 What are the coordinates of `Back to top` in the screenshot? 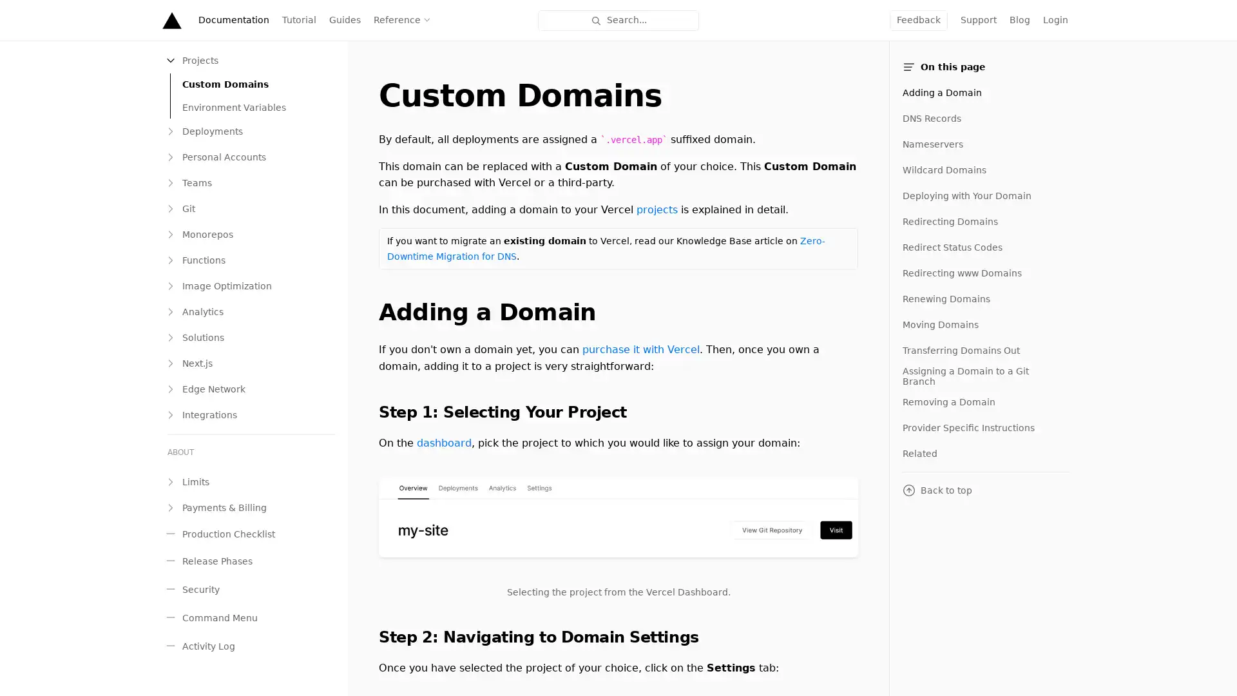 It's located at (985, 490).